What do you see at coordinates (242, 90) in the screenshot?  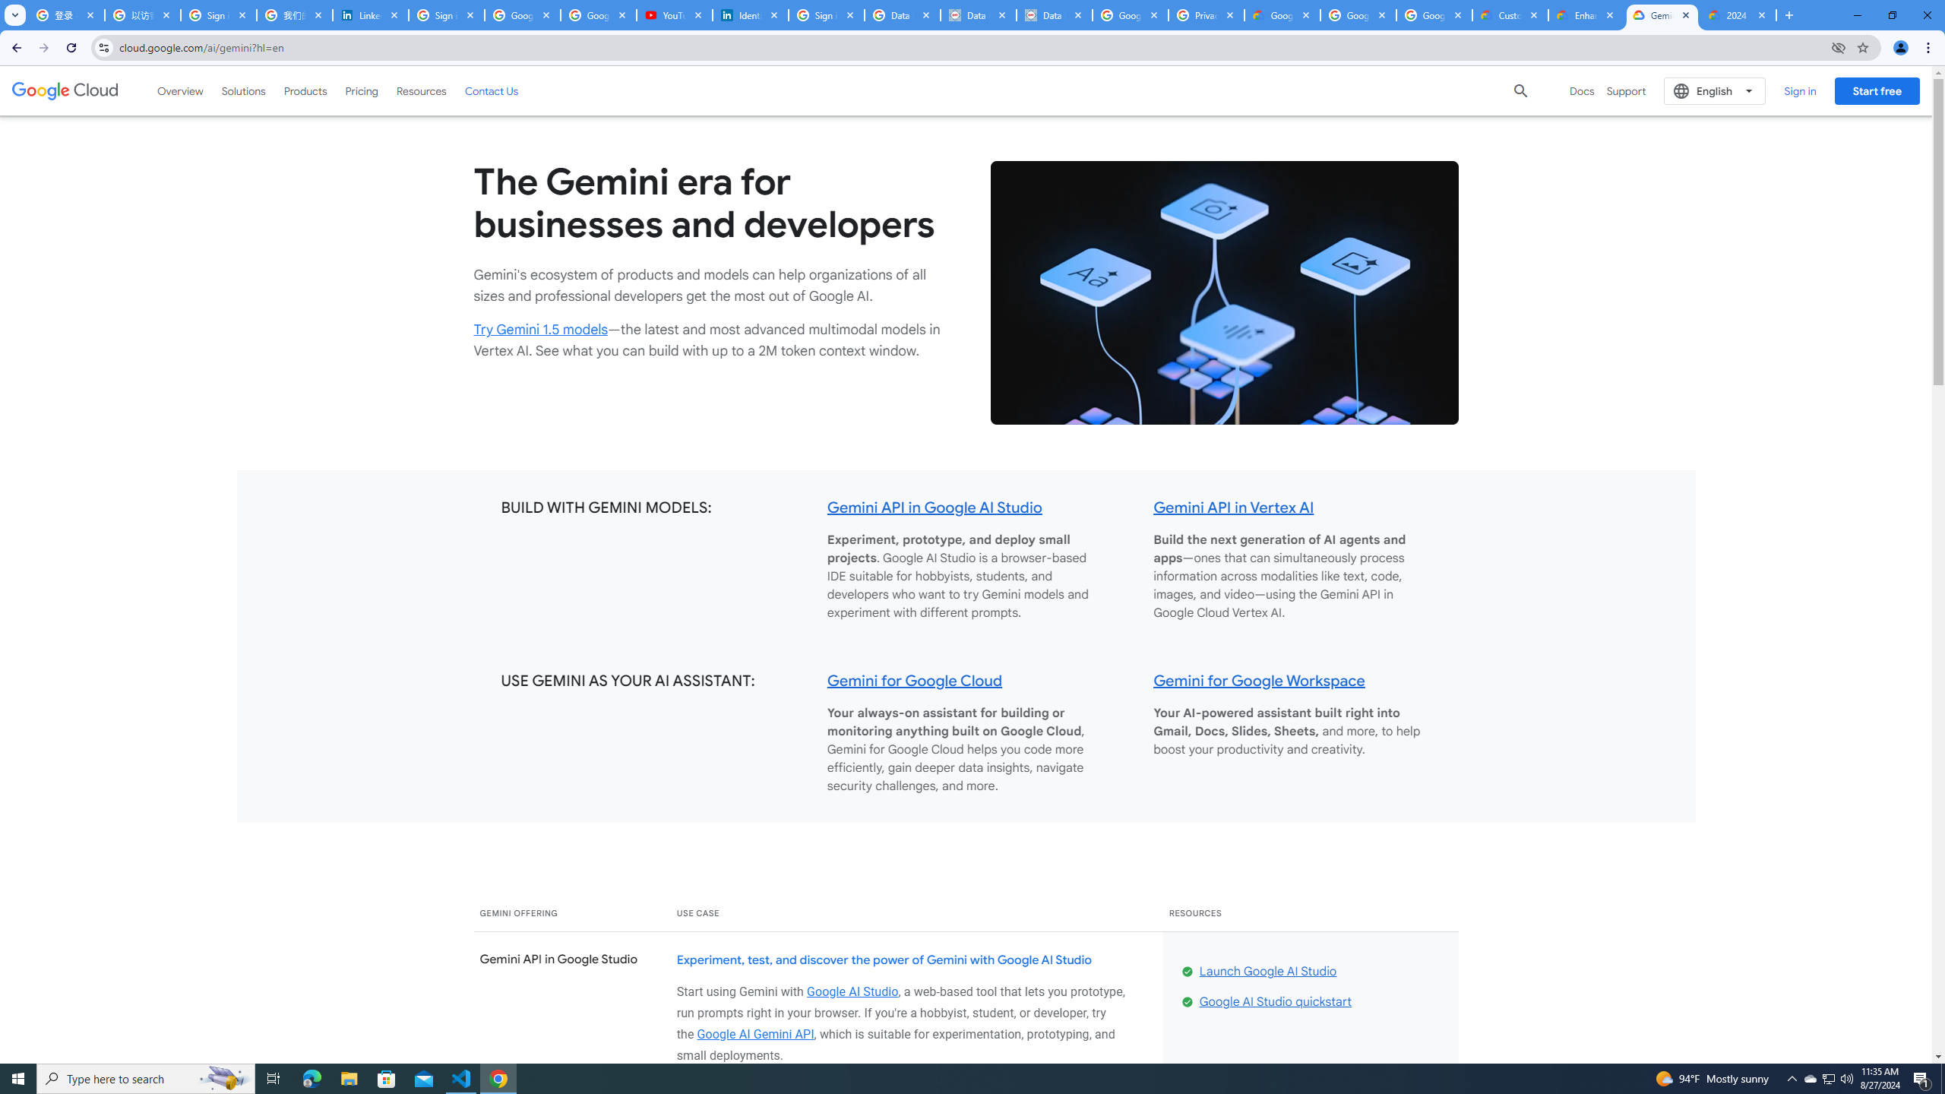 I see `'Solutions'` at bounding box center [242, 90].